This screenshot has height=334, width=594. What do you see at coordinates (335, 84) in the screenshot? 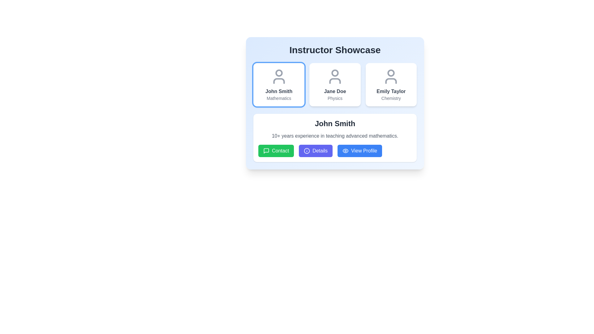
I see `the Profile card for 'Jane Doe', which showcases expertise in 'Physics'` at bounding box center [335, 84].